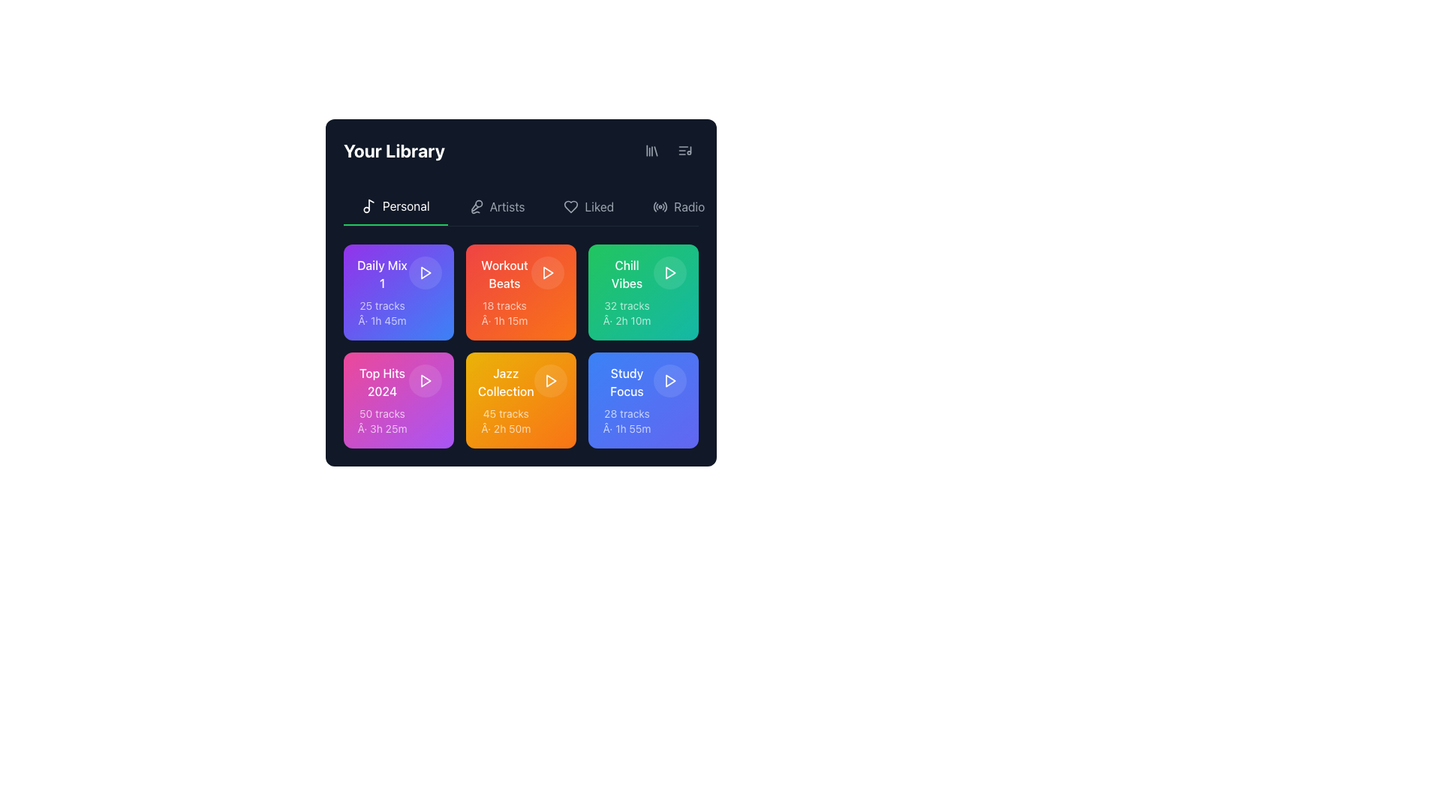 The image size is (1441, 810). I want to click on the decorative icon representing the 'Personal' section in the 'Your Library' navigation bar, located immediately to the left of the 'Personal' label, so click(369, 205).